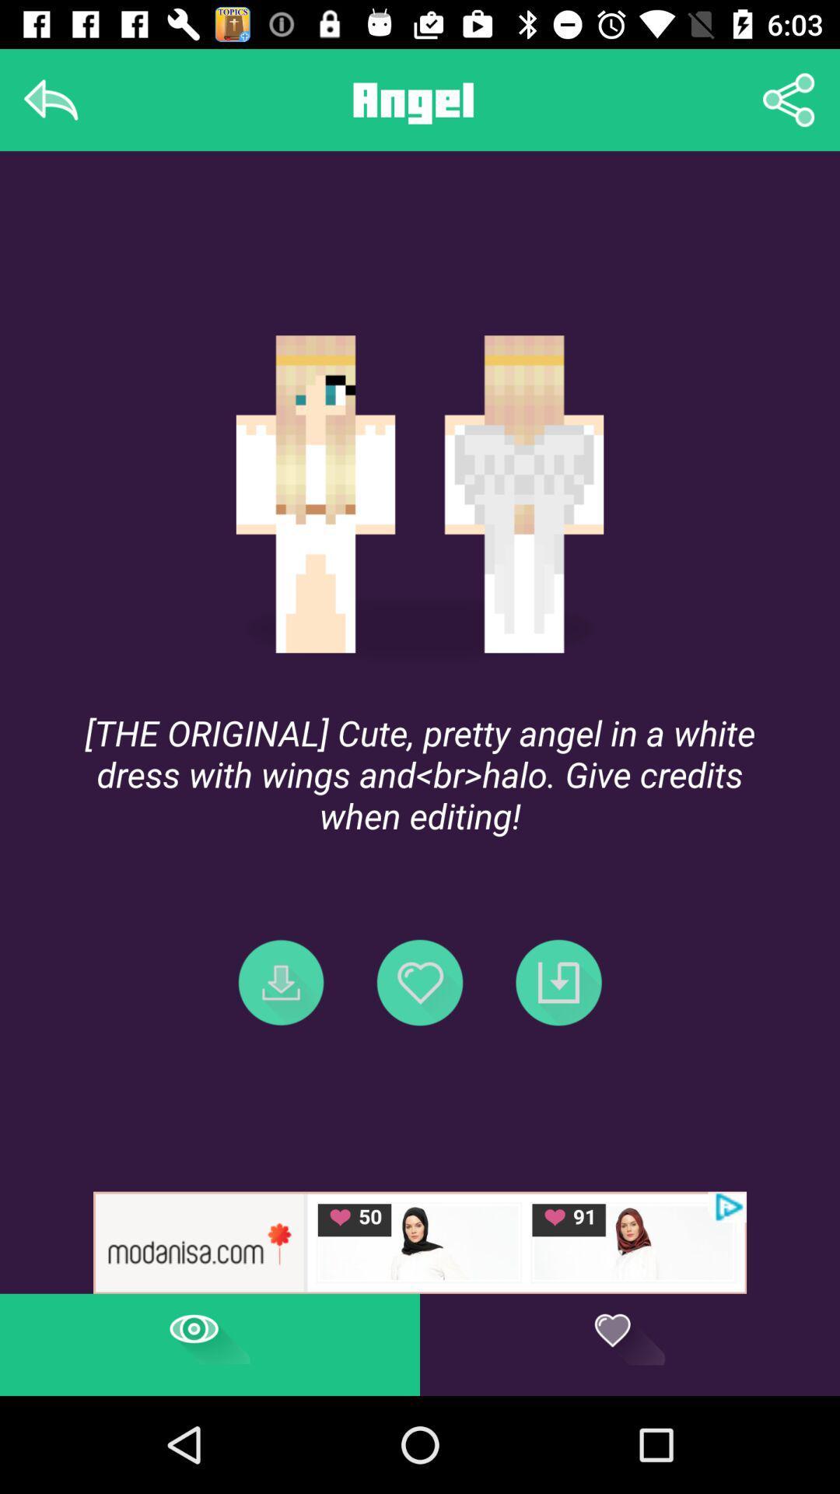 The image size is (840, 1494). What do you see at coordinates (50, 99) in the screenshot?
I see `the reply icon` at bounding box center [50, 99].